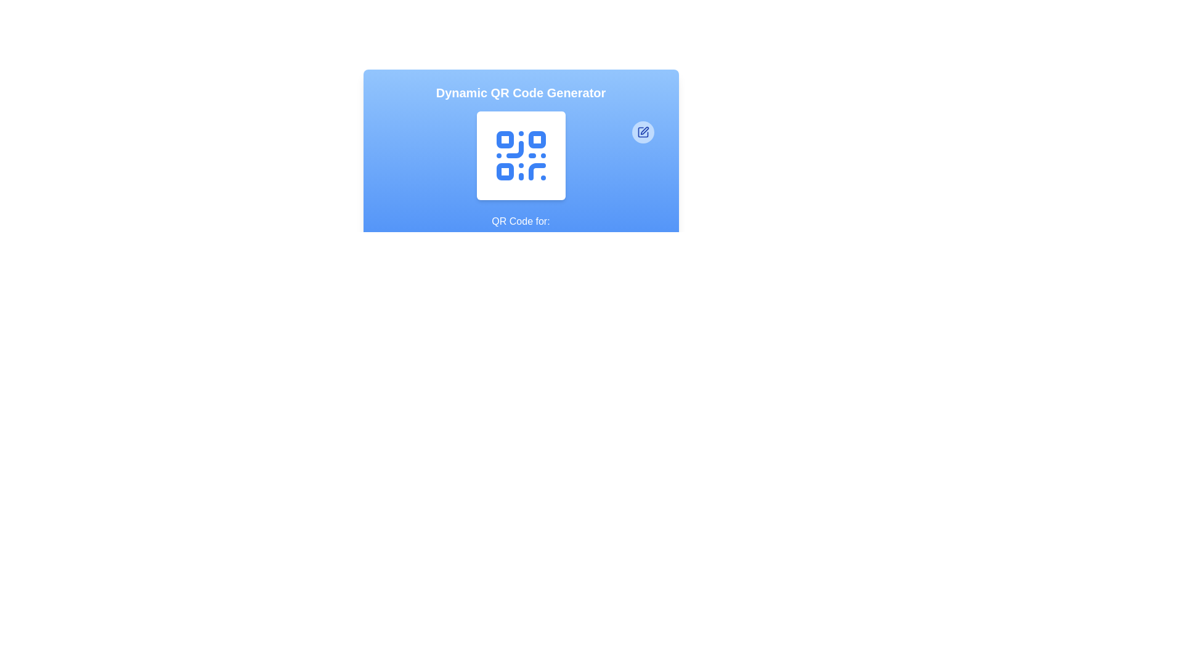  What do you see at coordinates (642, 132) in the screenshot?
I see `the 'Edit' button located in the top-right corner of the 'Dynamic QR Code Generator' card` at bounding box center [642, 132].